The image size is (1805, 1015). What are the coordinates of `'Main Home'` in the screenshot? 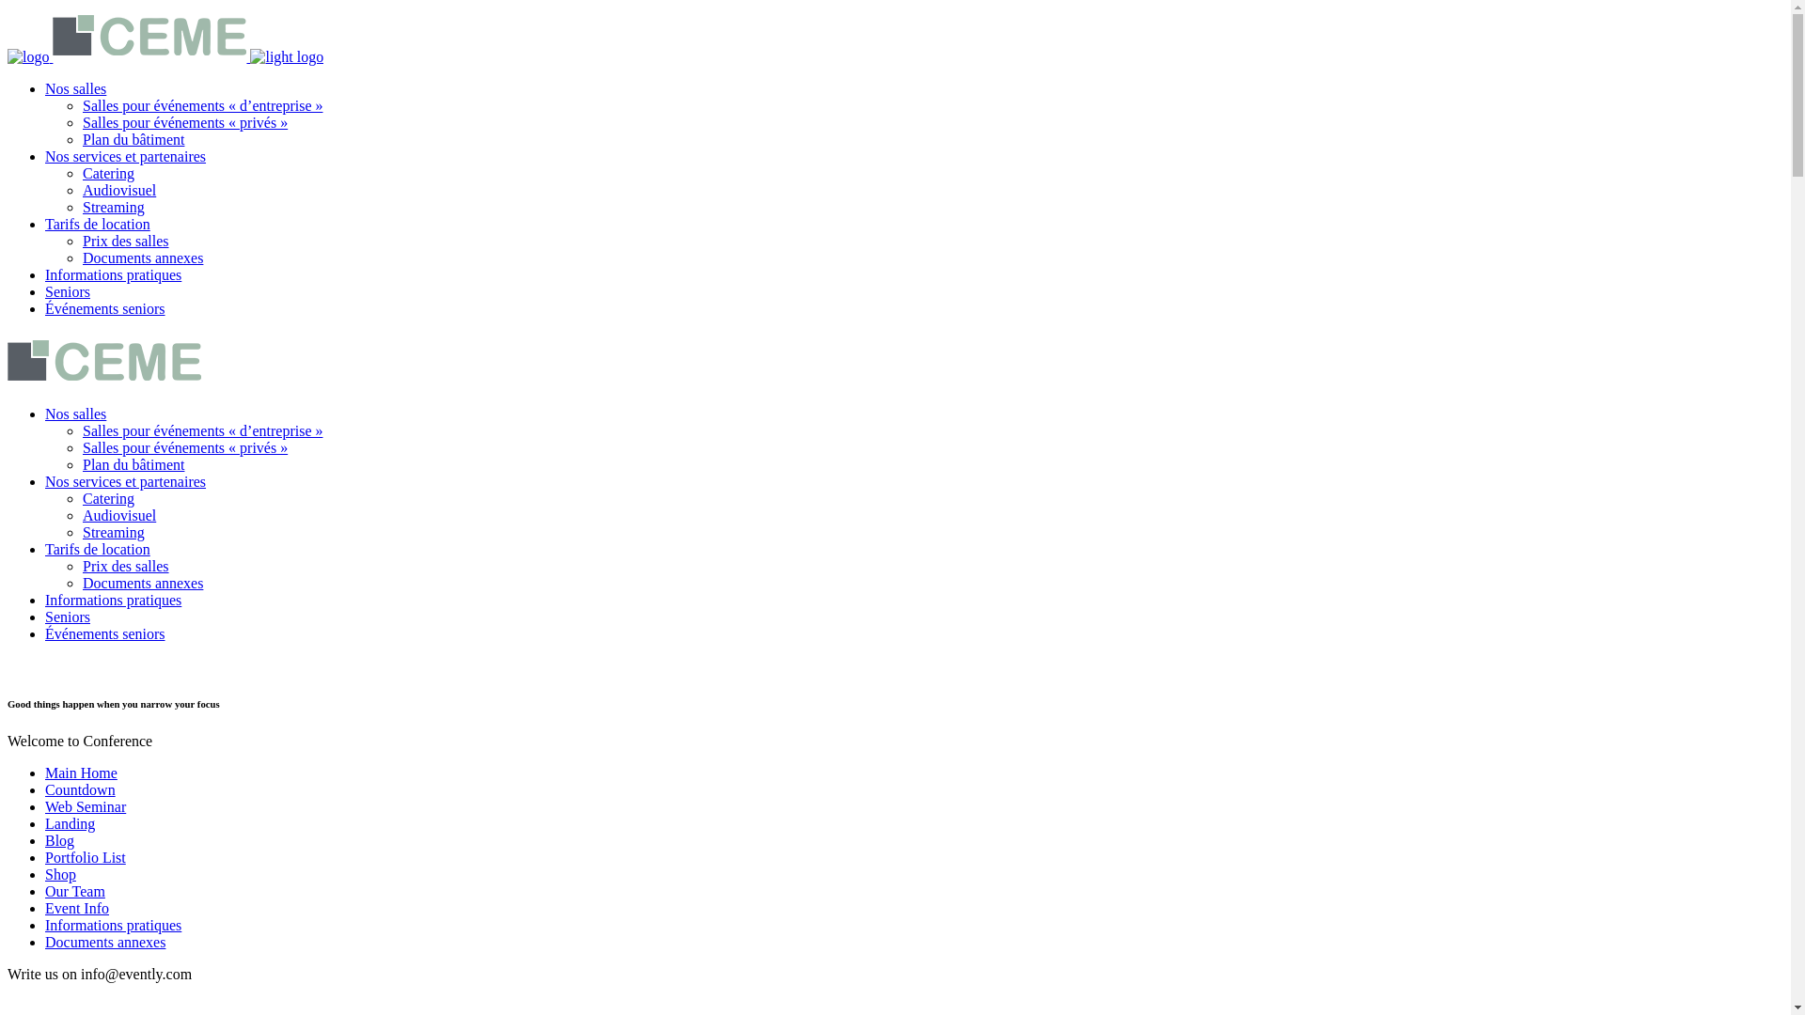 It's located at (80, 773).